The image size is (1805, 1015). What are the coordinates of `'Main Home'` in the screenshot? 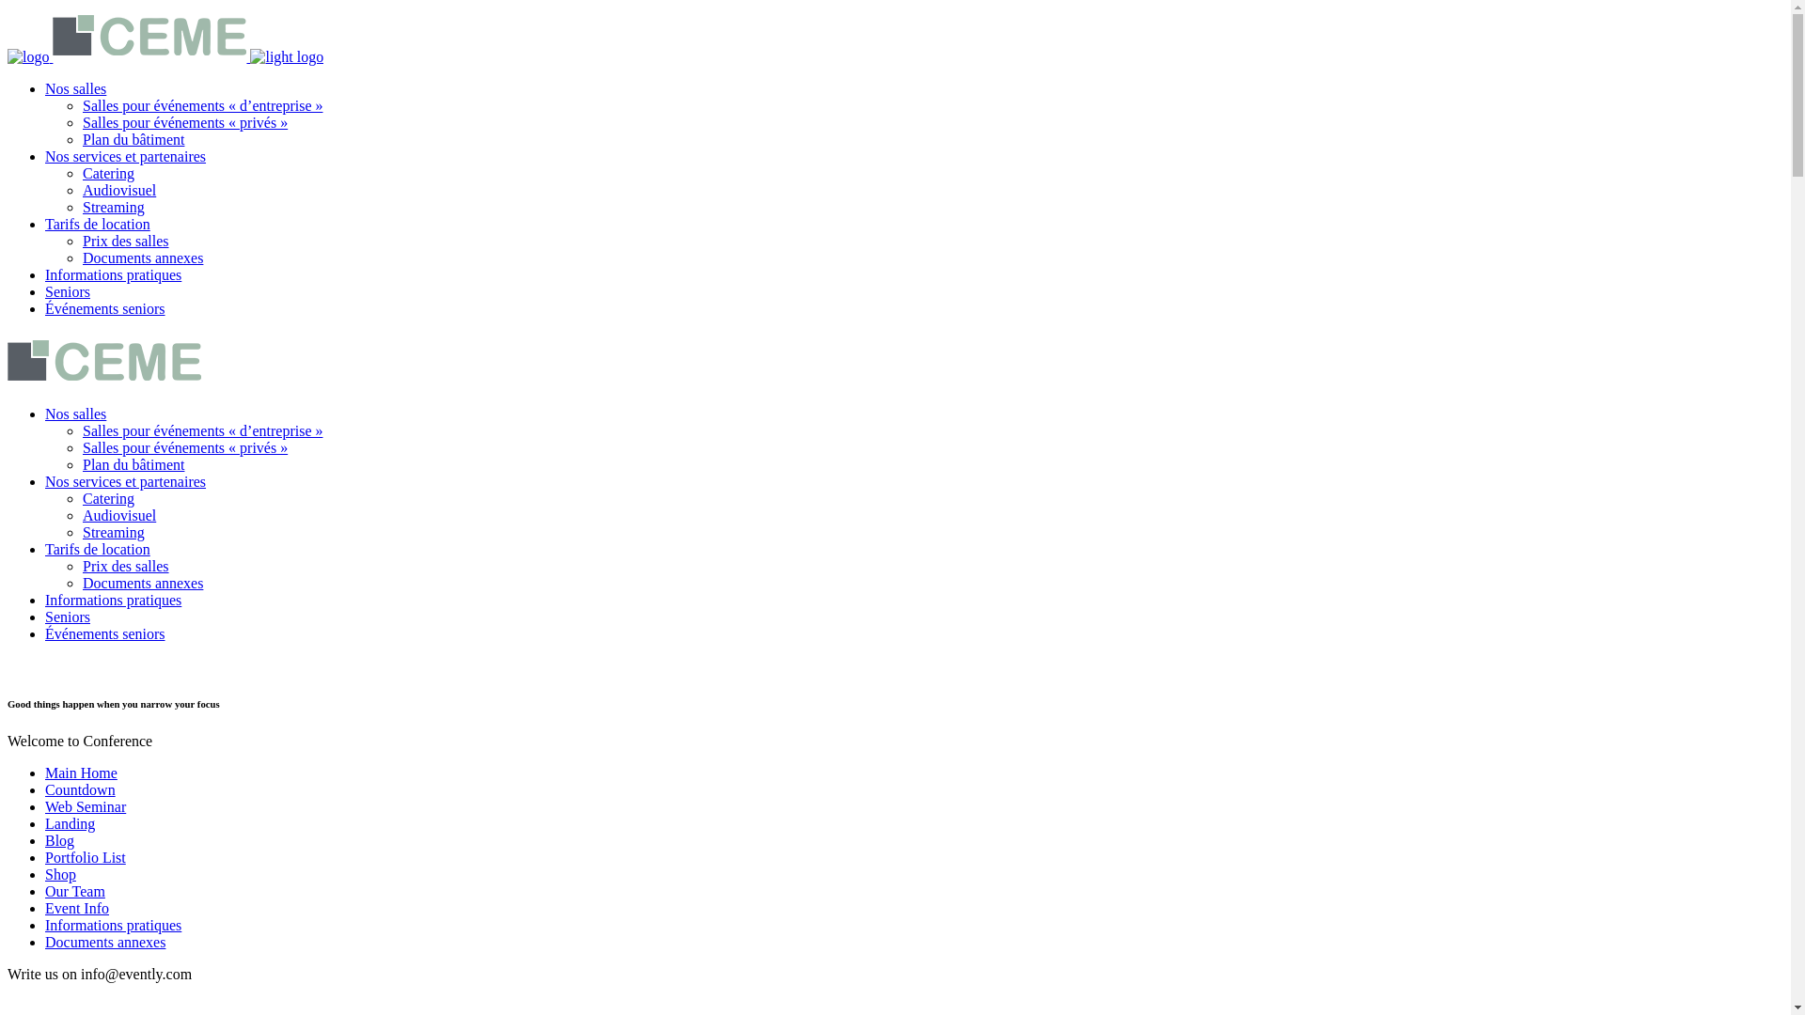 It's located at (80, 773).